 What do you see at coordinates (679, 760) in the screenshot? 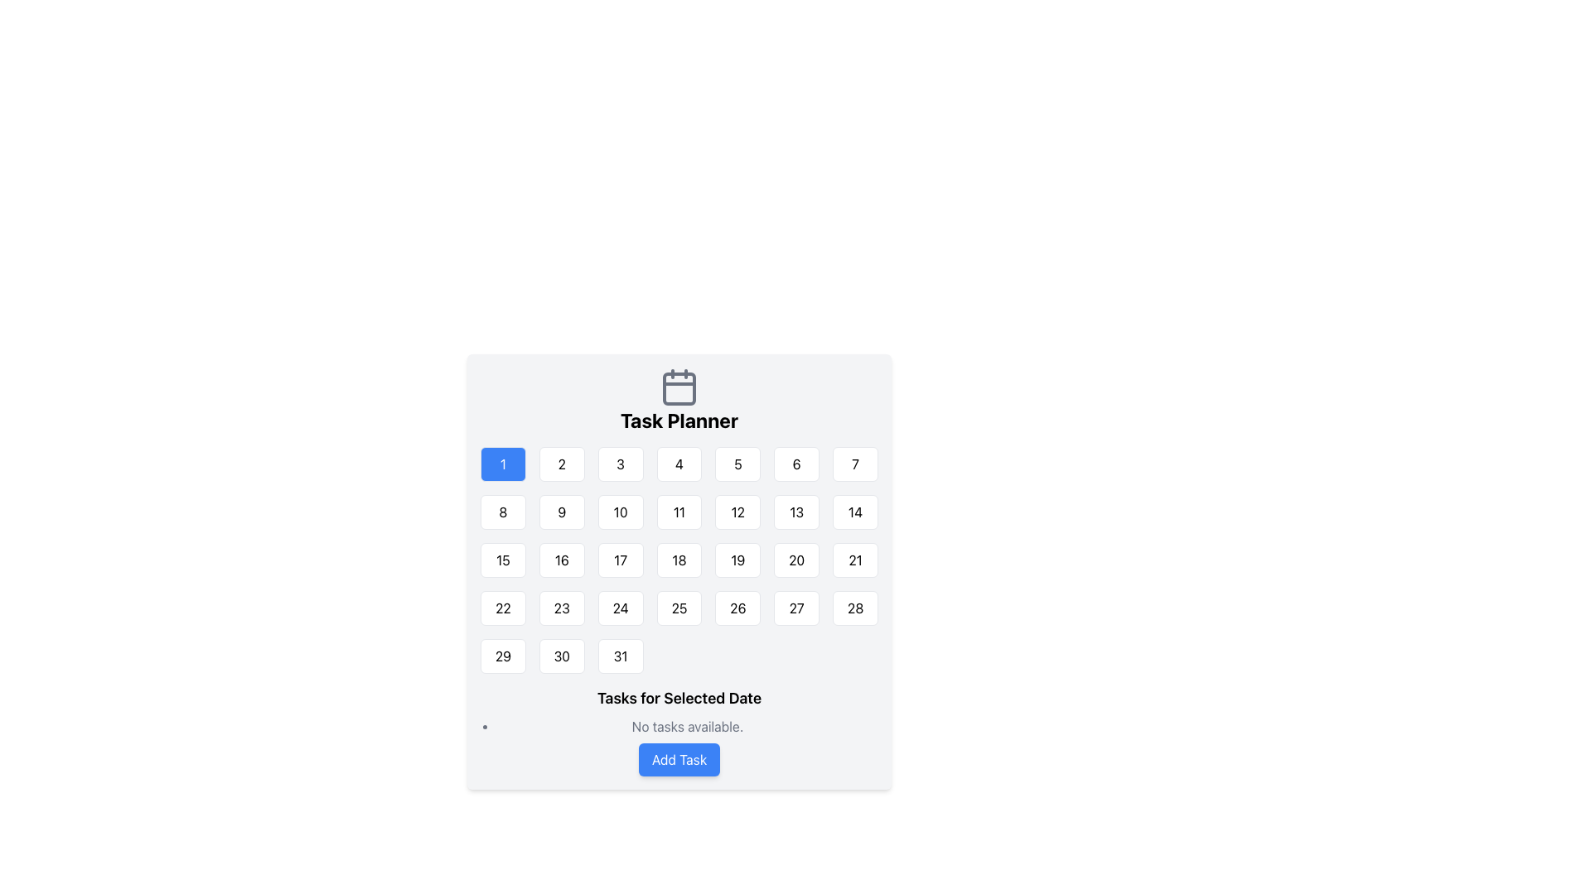
I see `the button located below the 'Tasks for Selected Date' header and beneath the line of text 'No tasks available.'` at bounding box center [679, 760].